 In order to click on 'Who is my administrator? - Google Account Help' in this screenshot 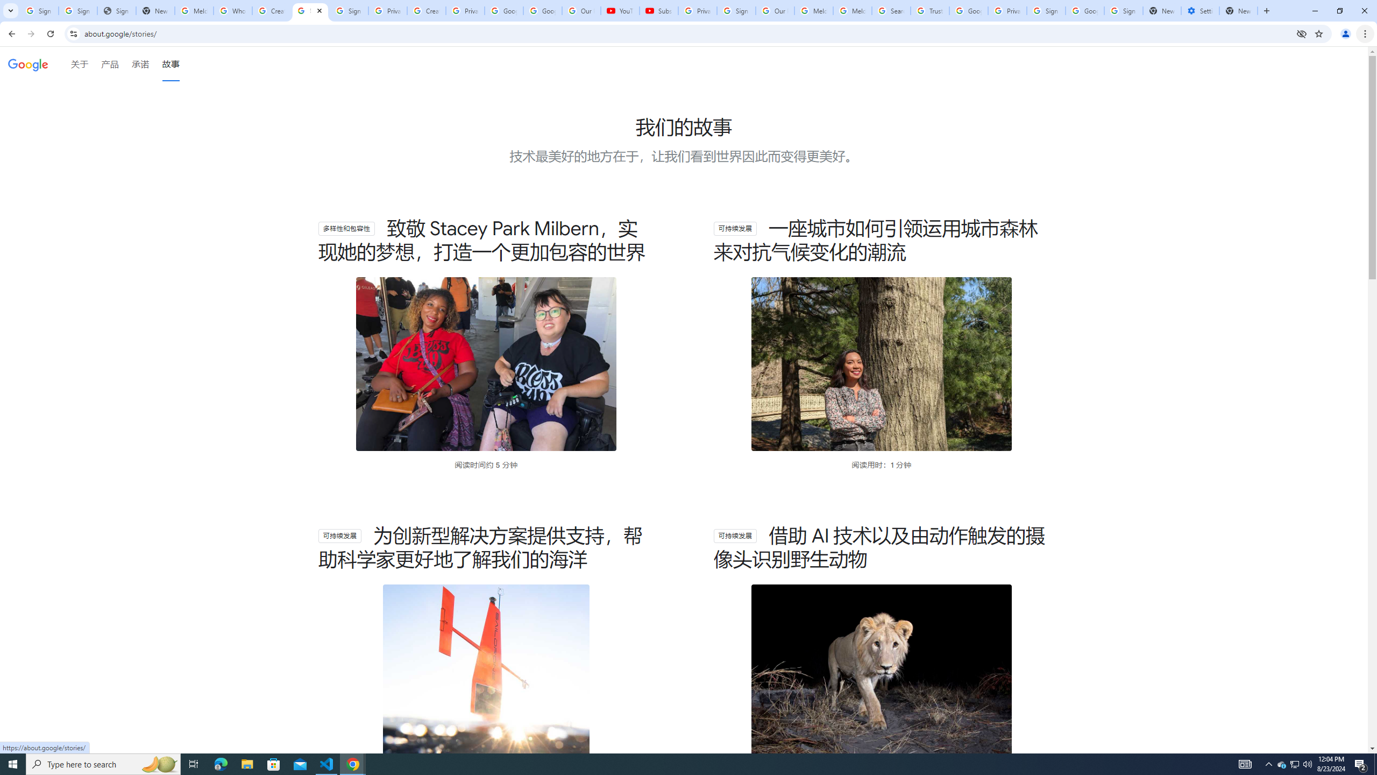, I will do `click(232, 10)`.